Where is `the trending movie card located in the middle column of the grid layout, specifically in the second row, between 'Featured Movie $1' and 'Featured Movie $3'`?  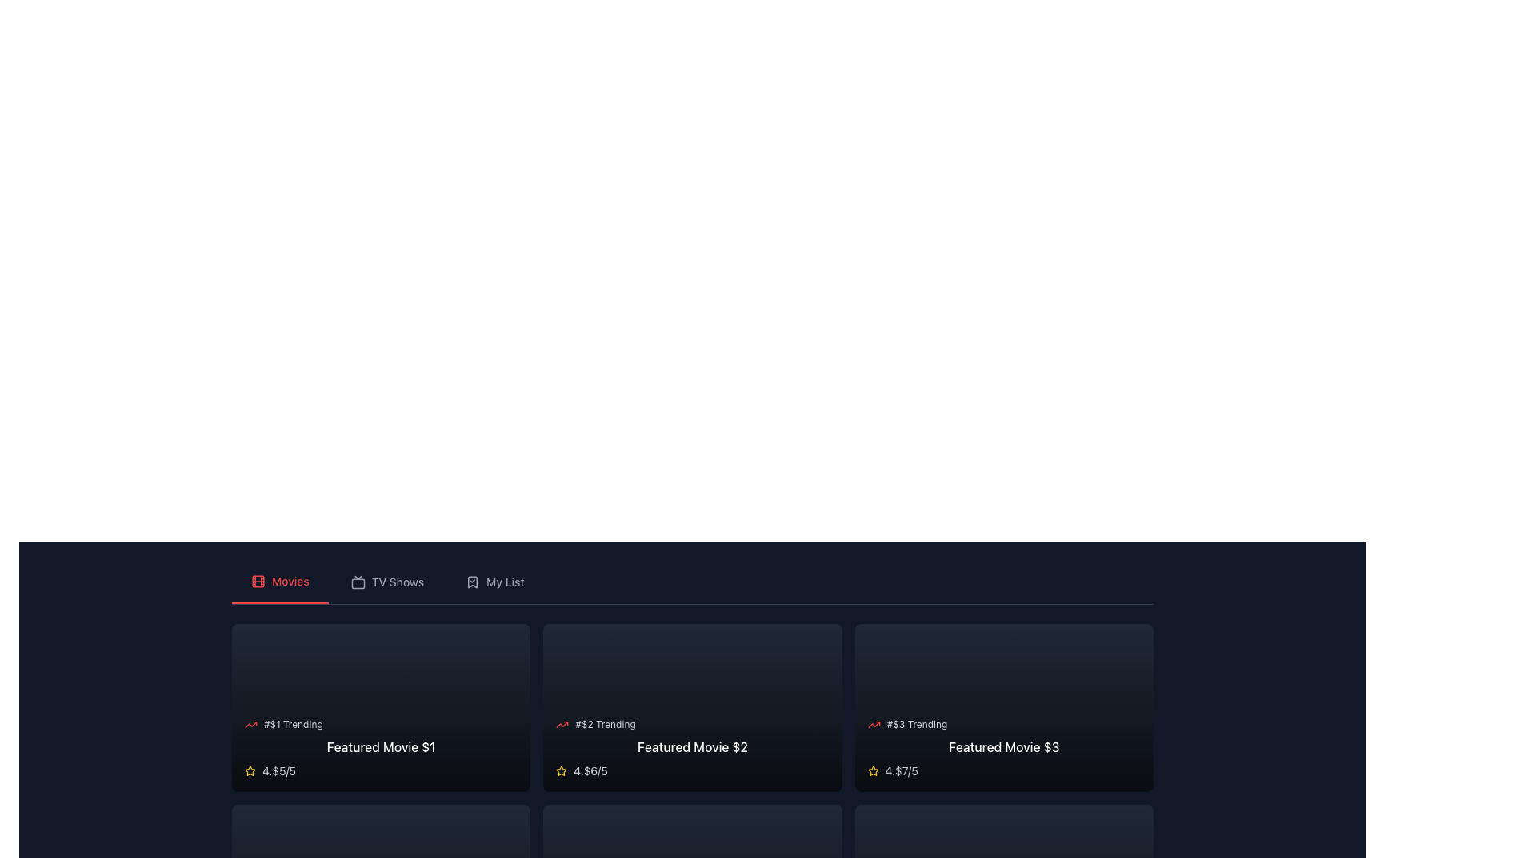 the trending movie card located in the middle column of the grid layout, specifically in the second row, between 'Featured Movie $1' and 'Featured Movie $3' is located at coordinates (692, 748).